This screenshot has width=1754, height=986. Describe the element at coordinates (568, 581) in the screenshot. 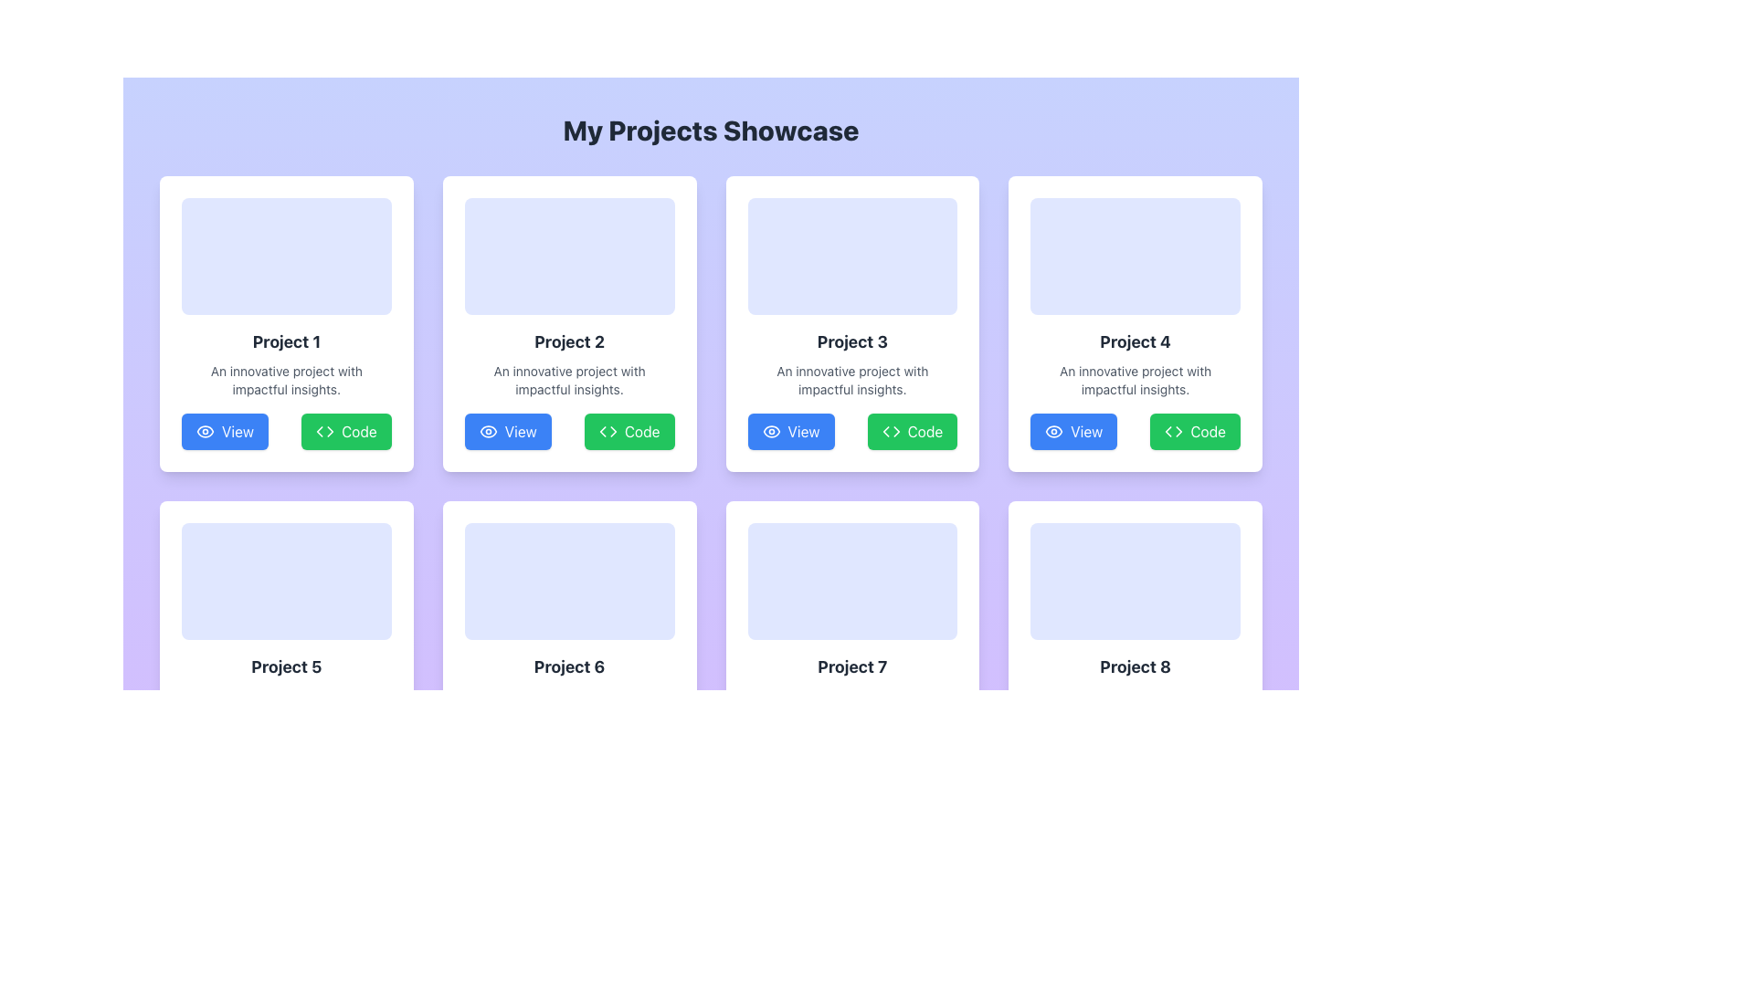

I see `the visual placeholder element located at the top of the 'Project 6' card, which is in the second row and third column of the project showcase grid` at that location.